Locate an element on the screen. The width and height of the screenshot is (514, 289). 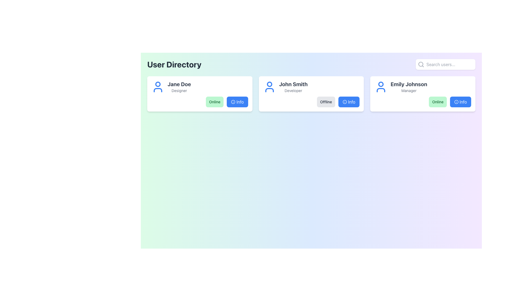
the 'User Directory' text header, which serves as the title for the section indicating the content and purpose of the area it labels is located at coordinates (174, 64).